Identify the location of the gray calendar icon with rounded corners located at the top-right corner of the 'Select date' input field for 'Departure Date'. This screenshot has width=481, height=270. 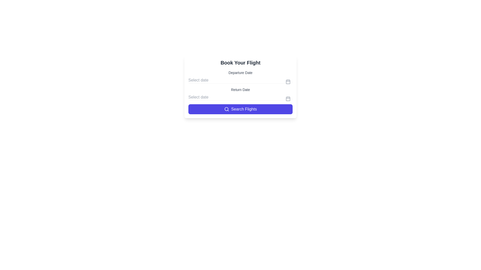
(288, 81).